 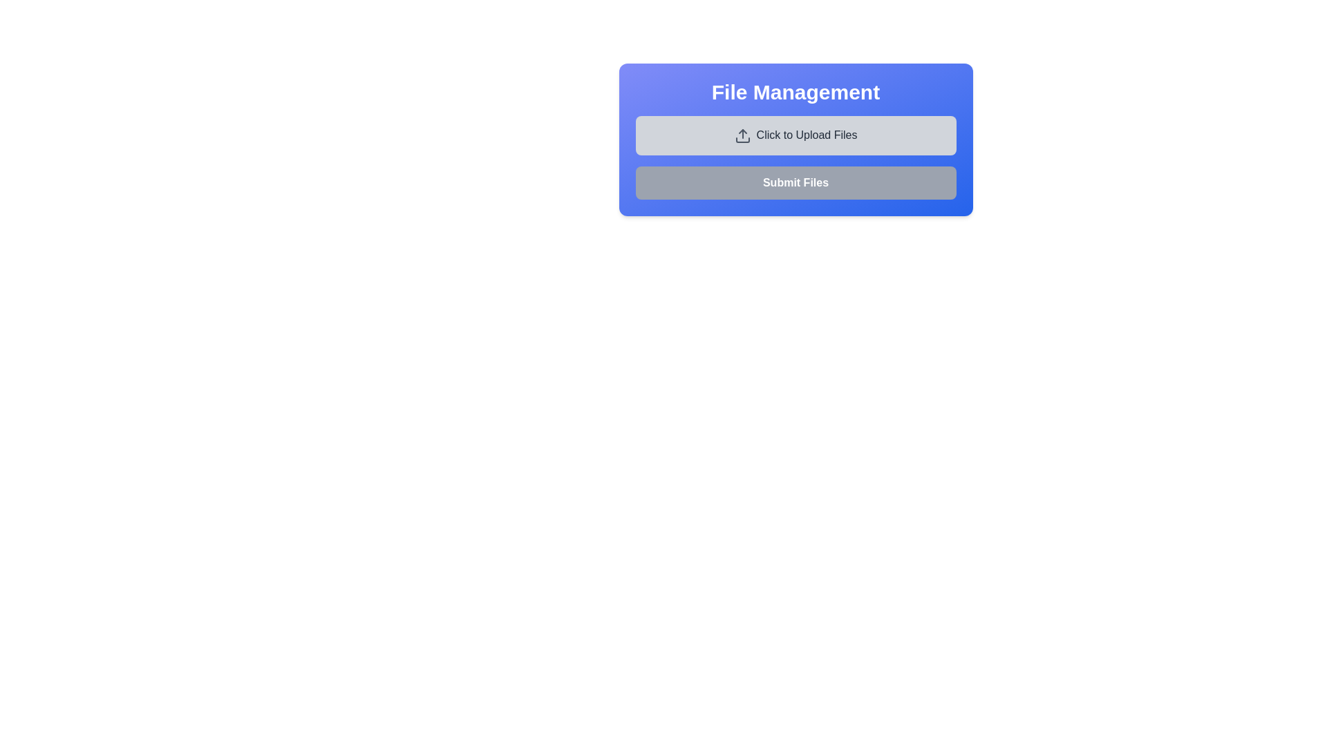 I want to click on the upload icon located to the left of the 'Click to Upload Files' text in the 'File Management' interface, which visually indicates the upload functionality, so click(x=742, y=135).